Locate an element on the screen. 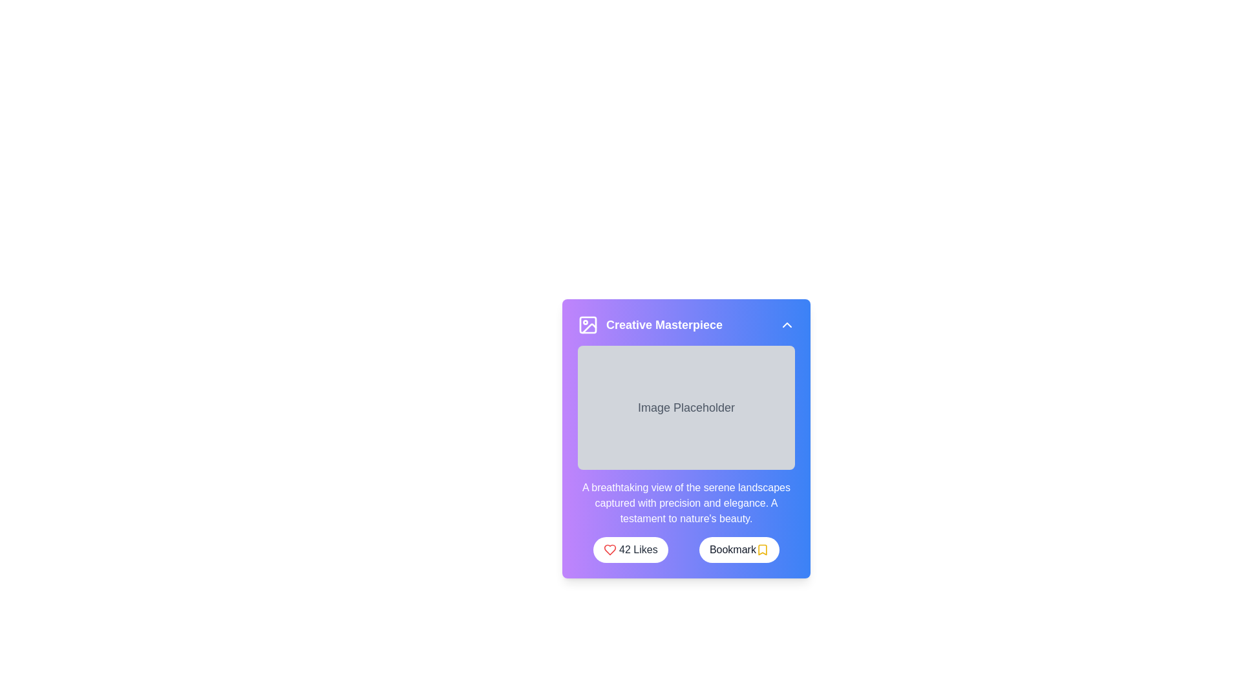 The image size is (1241, 698). the Text Block element containing the white styled text that describes serene landscapes, located centrally within the card design is located at coordinates (685, 503).